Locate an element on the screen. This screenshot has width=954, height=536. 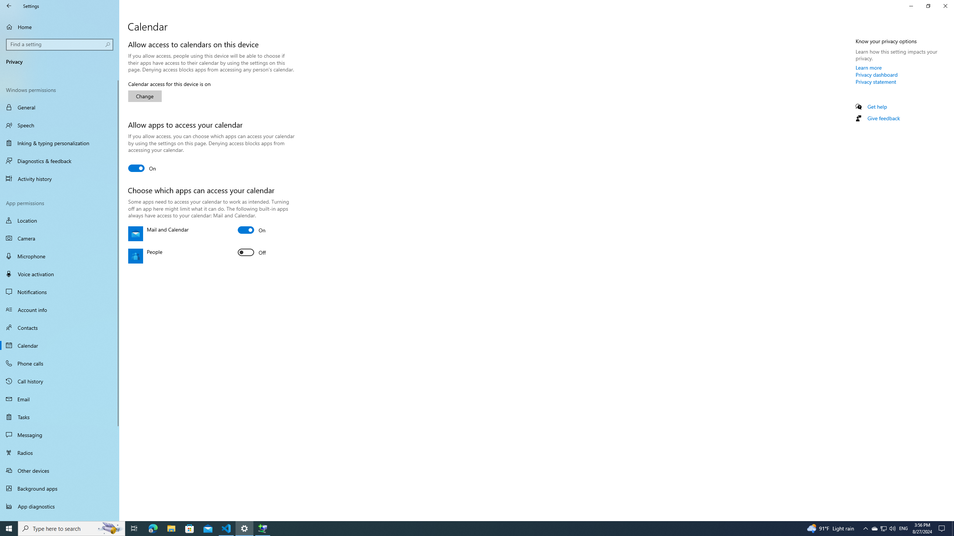
'General' is located at coordinates (59, 107).